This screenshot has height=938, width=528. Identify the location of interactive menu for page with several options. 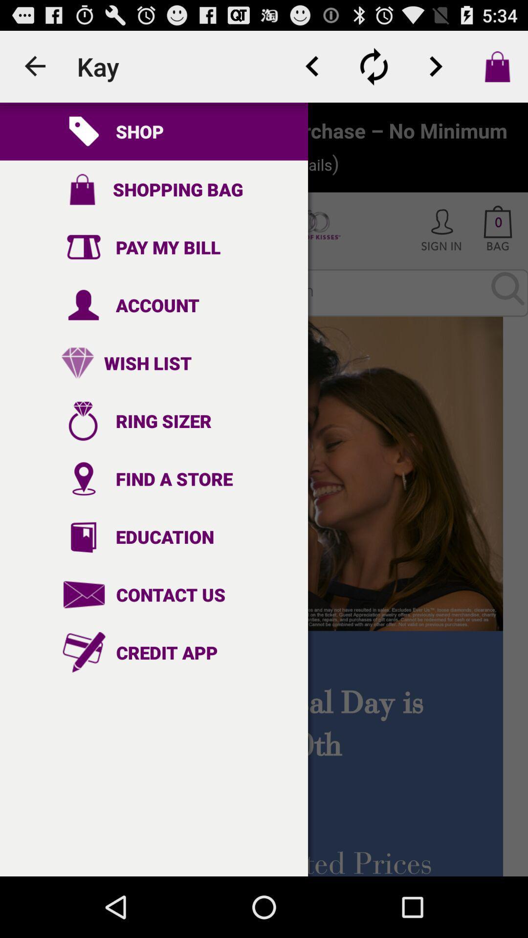
(264, 490).